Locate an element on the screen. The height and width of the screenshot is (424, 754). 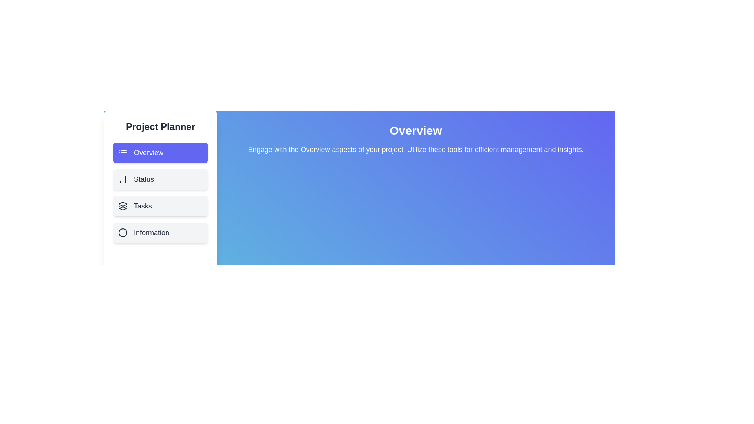
the menu item Overview to observe its hover effect is located at coordinates (160, 153).